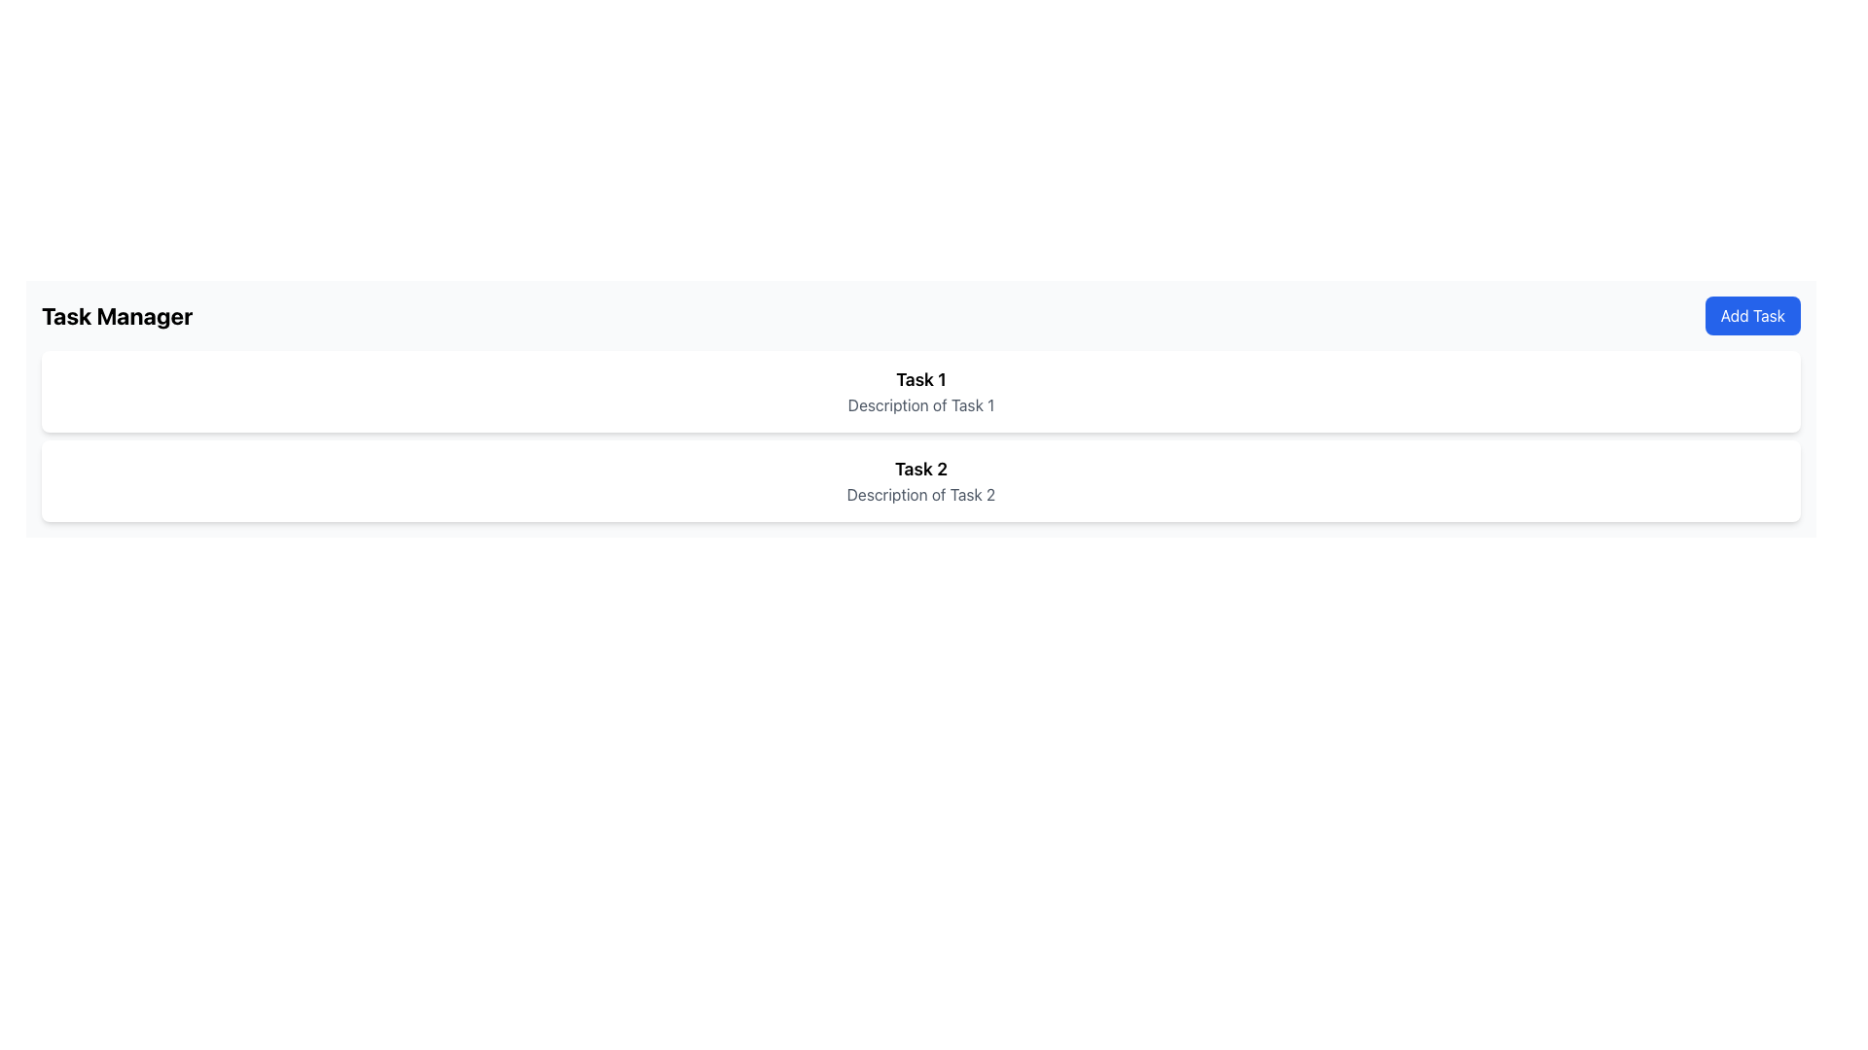 This screenshot has width=1868, height=1050. What do you see at coordinates (919, 480) in the screenshot?
I see `the second task card in the task manager interface` at bounding box center [919, 480].